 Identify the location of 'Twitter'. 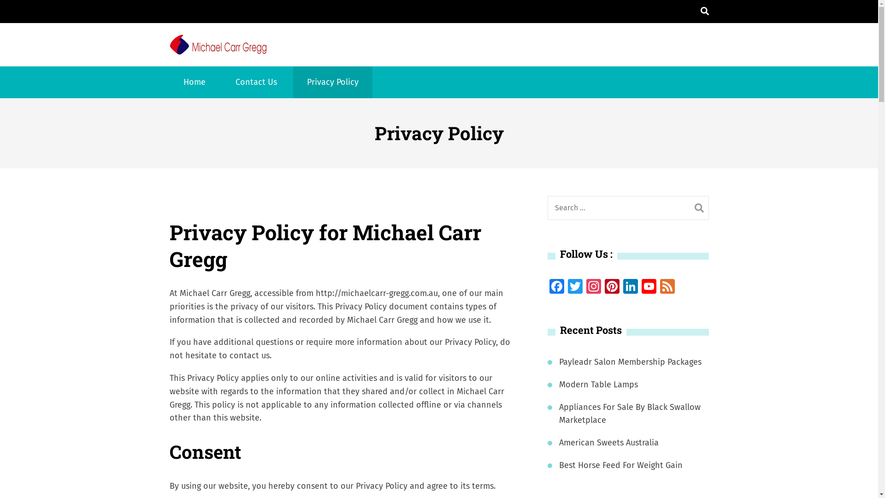
(575, 287).